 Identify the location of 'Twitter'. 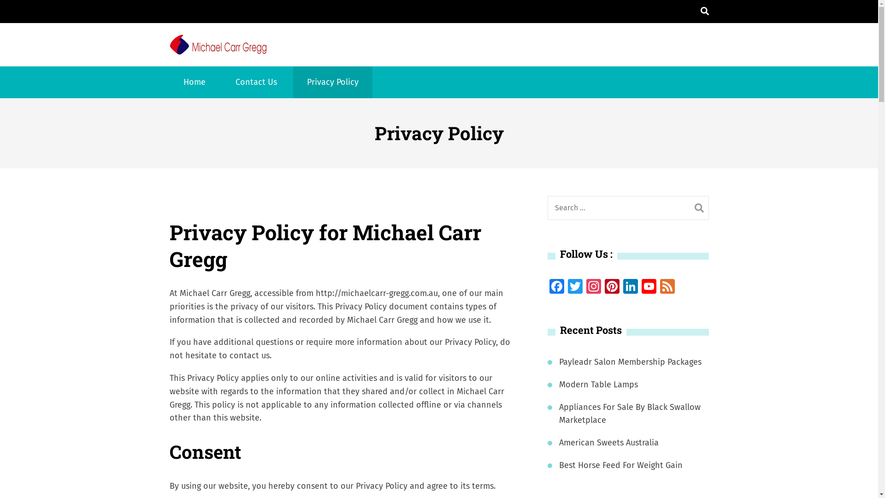
(575, 287).